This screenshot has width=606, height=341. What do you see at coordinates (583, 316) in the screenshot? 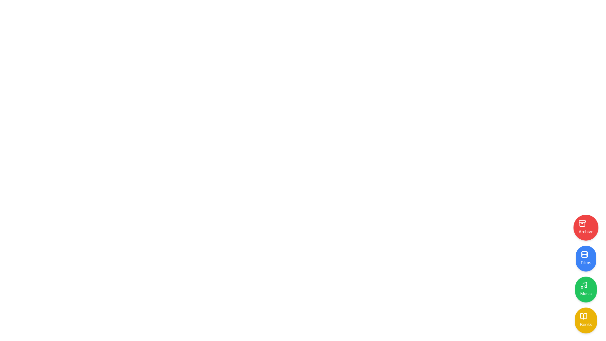
I see `the 'Books' icon segment, which is part of a vertical navigation group of circular buttons on the right side of the interface` at bounding box center [583, 316].